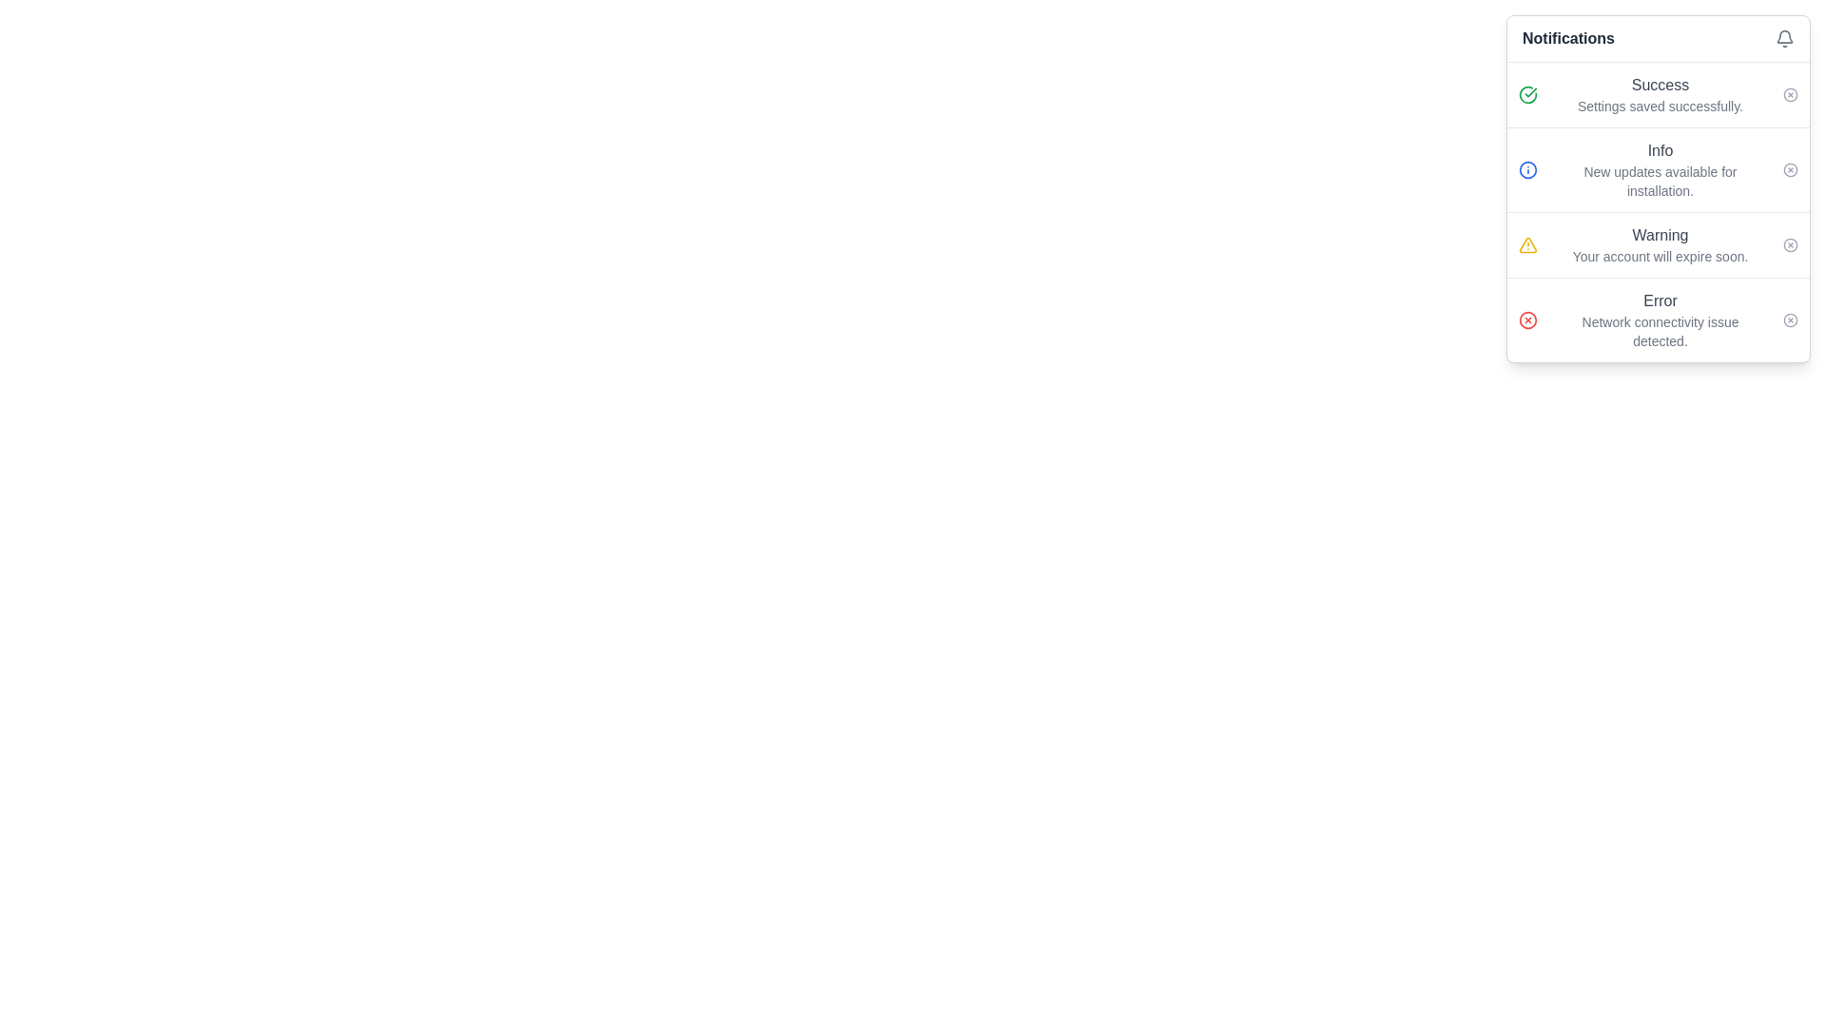 The width and height of the screenshot is (1826, 1027). What do you see at coordinates (1660, 95) in the screenshot?
I see `the 'Success' notification text block that indicates 'Settings saved successfully.'` at bounding box center [1660, 95].